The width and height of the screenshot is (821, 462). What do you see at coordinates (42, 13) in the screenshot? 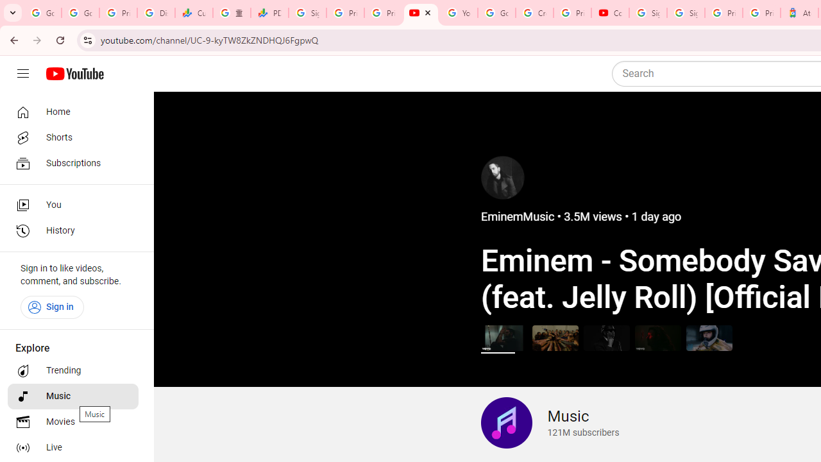
I see `'Google Workspace Admin Community'` at bounding box center [42, 13].